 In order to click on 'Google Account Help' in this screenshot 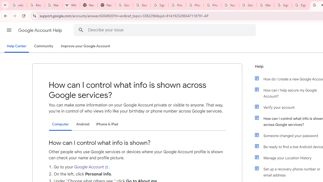, I will do `click(40, 30)`.